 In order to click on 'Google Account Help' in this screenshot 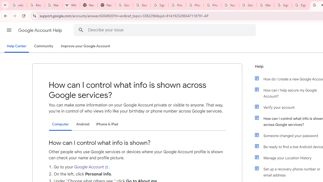, I will do `click(40, 30)`.